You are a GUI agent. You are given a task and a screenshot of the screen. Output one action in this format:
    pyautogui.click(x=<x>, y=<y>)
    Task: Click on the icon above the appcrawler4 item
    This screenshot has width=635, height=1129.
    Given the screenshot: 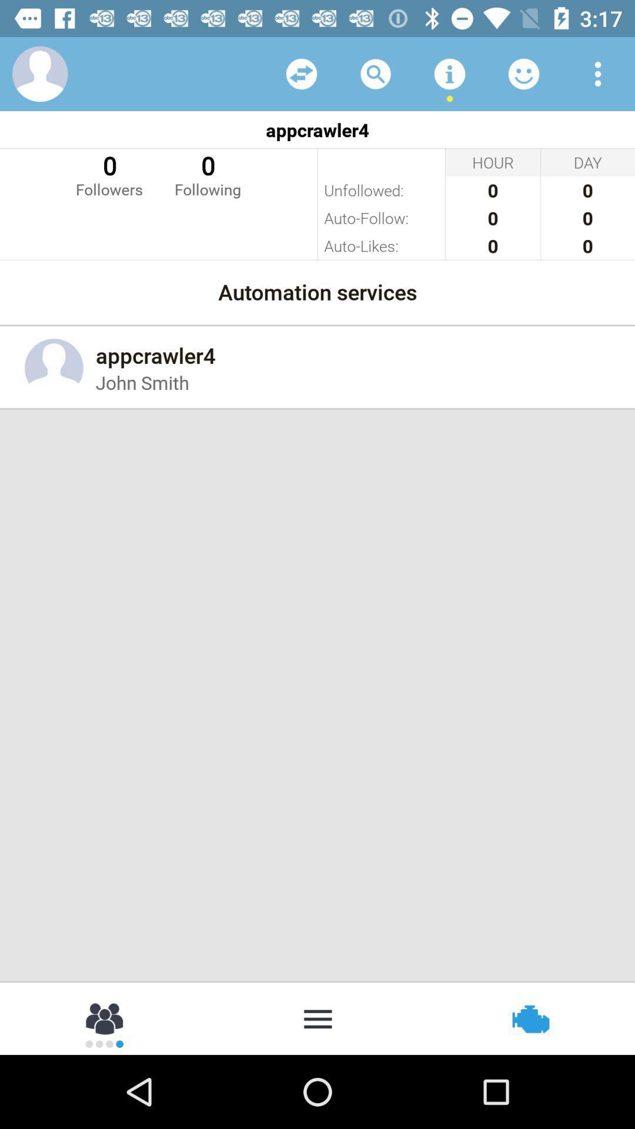 What is the action you would take?
    pyautogui.click(x=301, y=73)
    